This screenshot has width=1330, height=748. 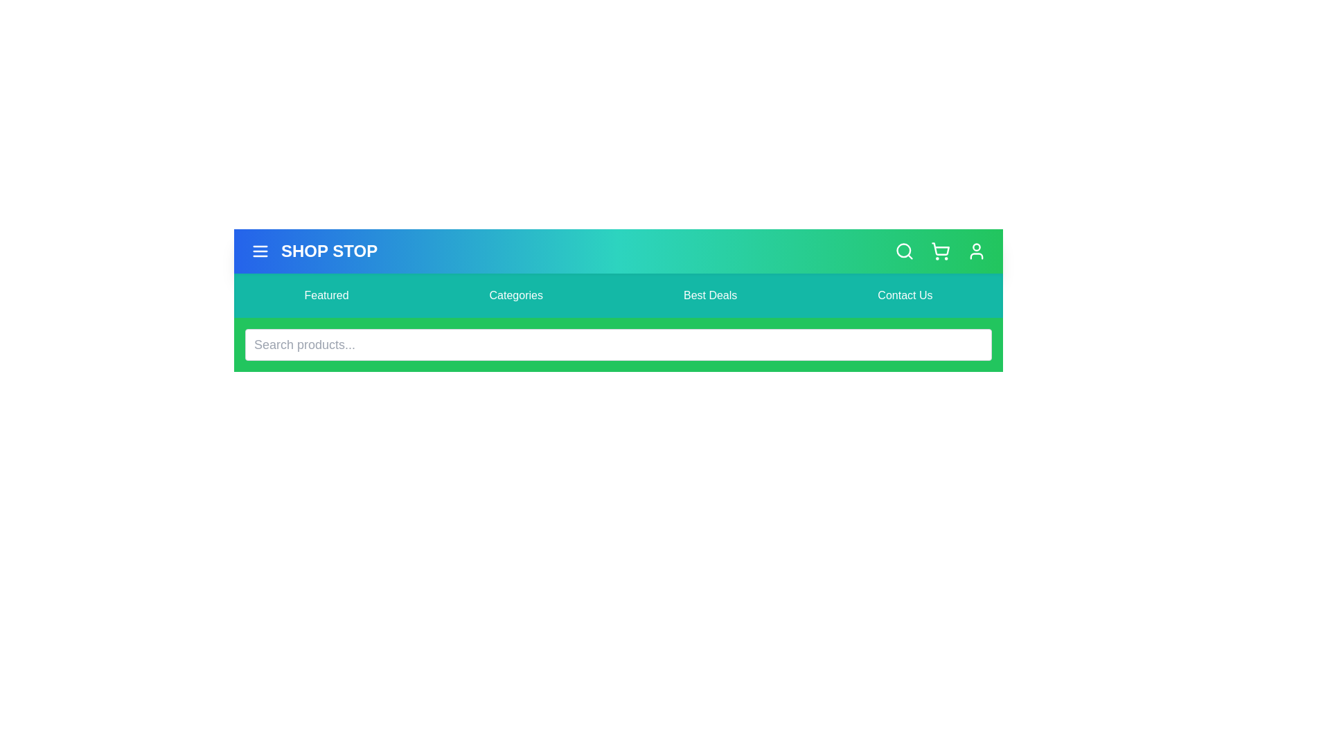 What do you see at coordinates (325, 295) in the screenshot?
I see `the menu item labeled Featured in the navigation bar` at bounding box center [325, 295].